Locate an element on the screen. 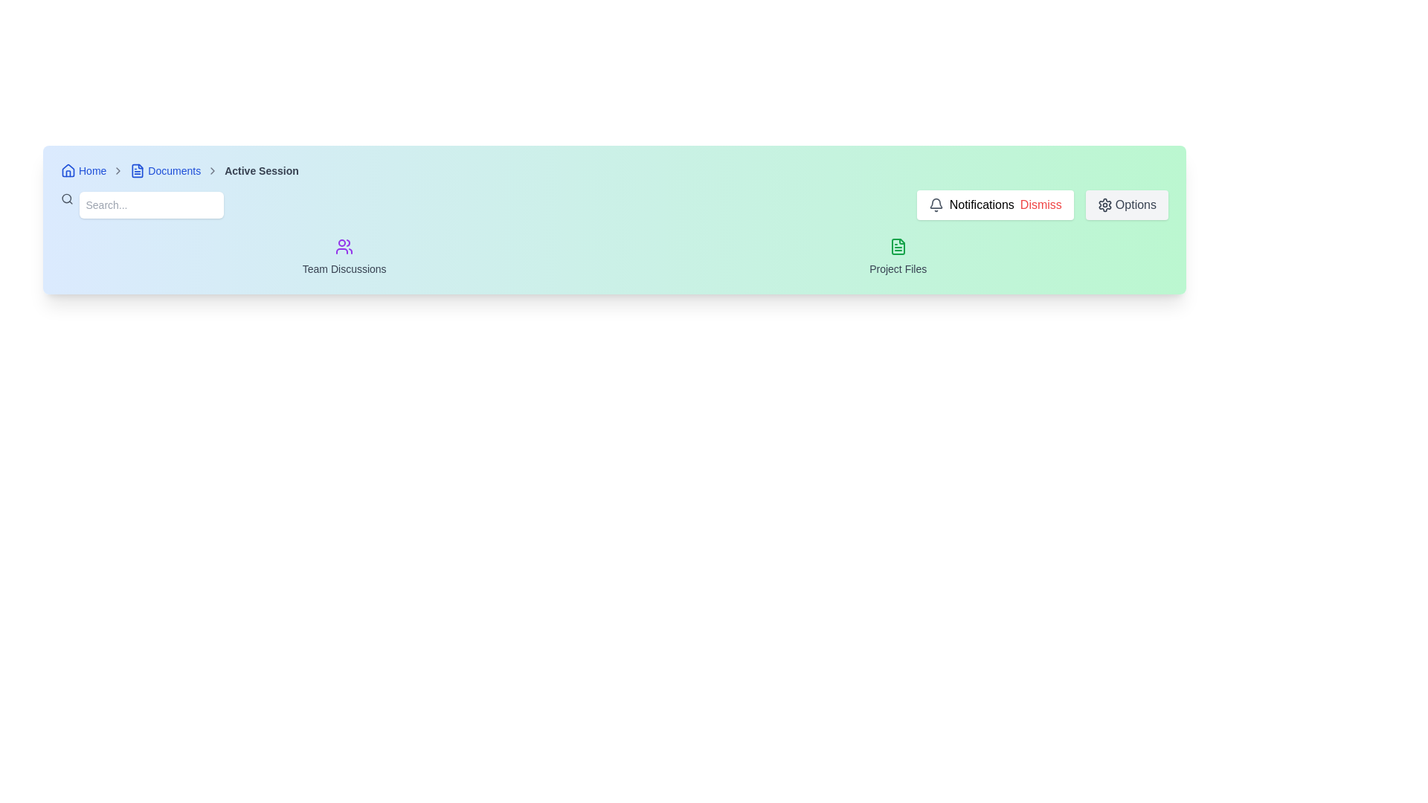  the Text Label that indicates a section for project files or related resources, located centrally below a file icon and adjacent to the 'Notifications' and 'Options' buttons is located at coordinates (897, 269).